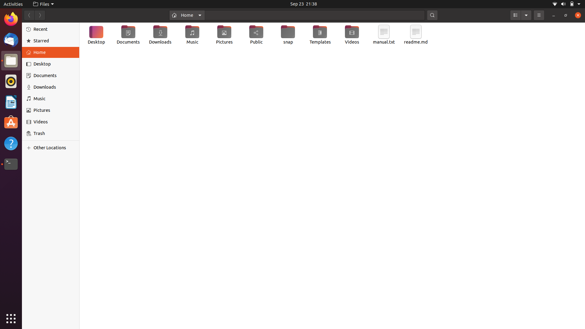 This screenshot has height=329, width=585. Describe the element at coordinates (320, 35) in the screenshot. I see `the folder named "Templates` at that location.